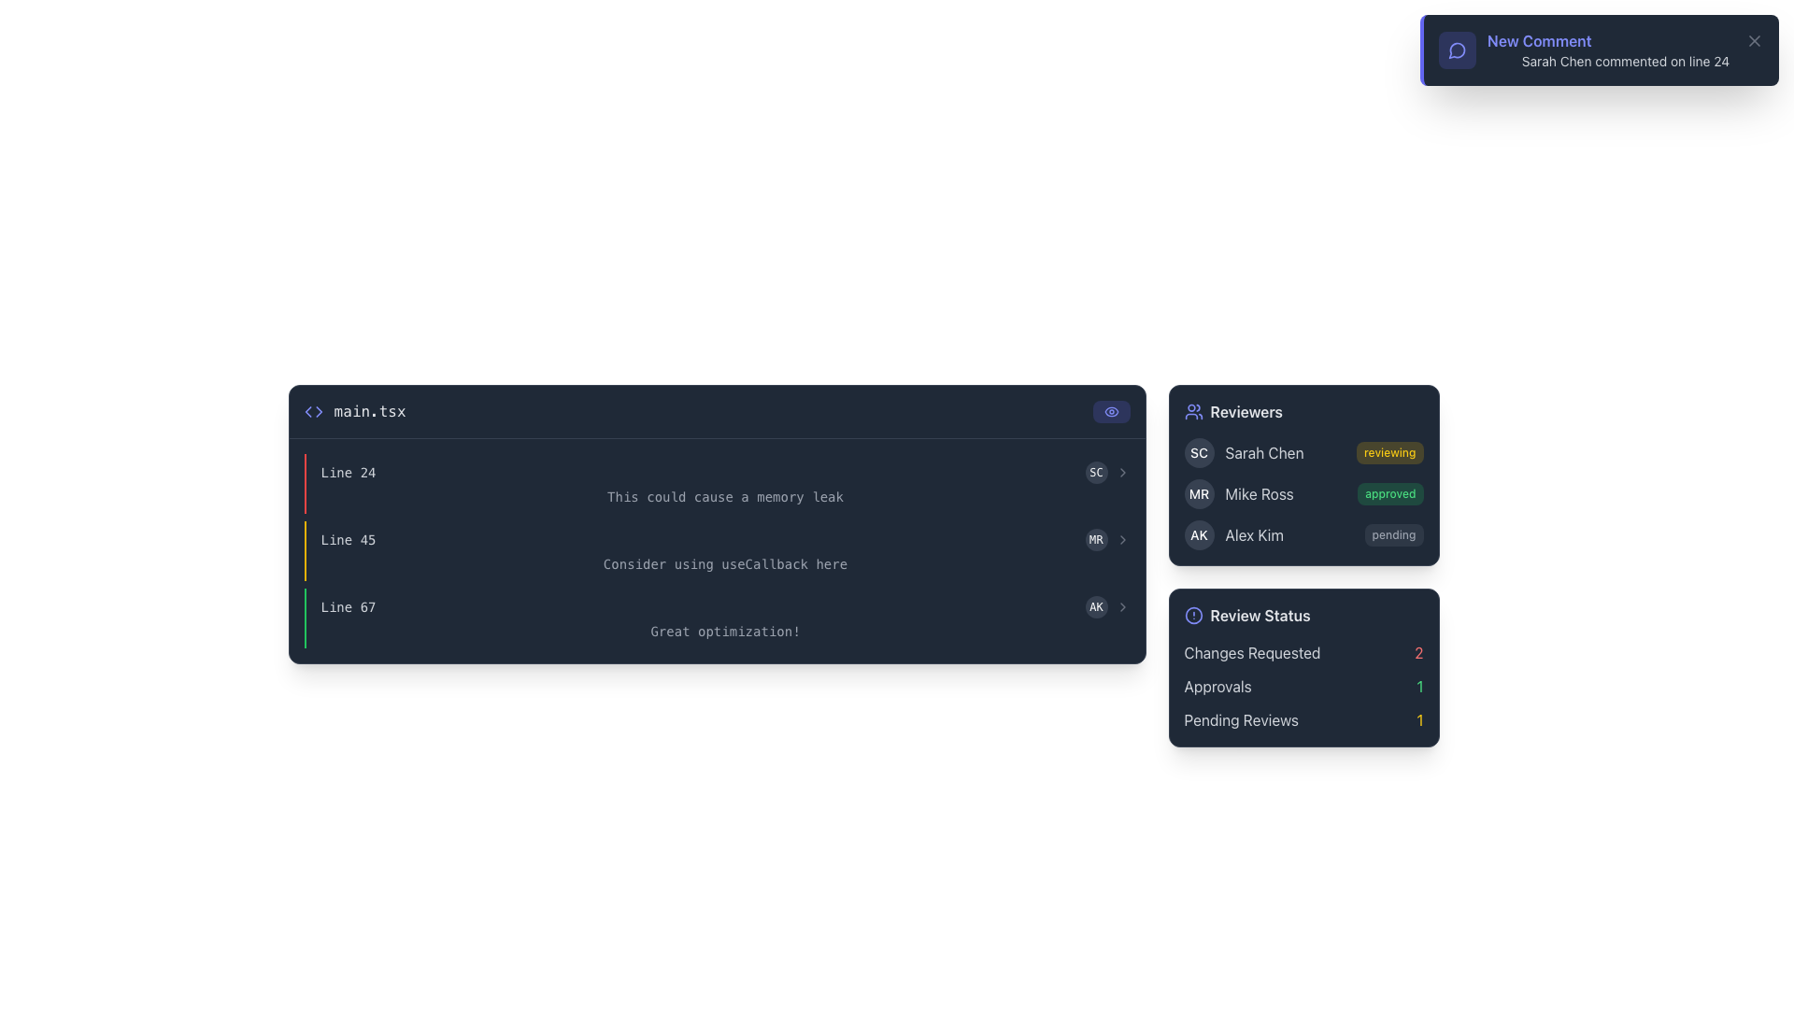 Image resolution: width=1794 pixels, height=1009 pixels. I want to click on the static text label displaying 'Pending Reviews' located at the bottom section of the 'Review Status' card, so click(1241, 719).